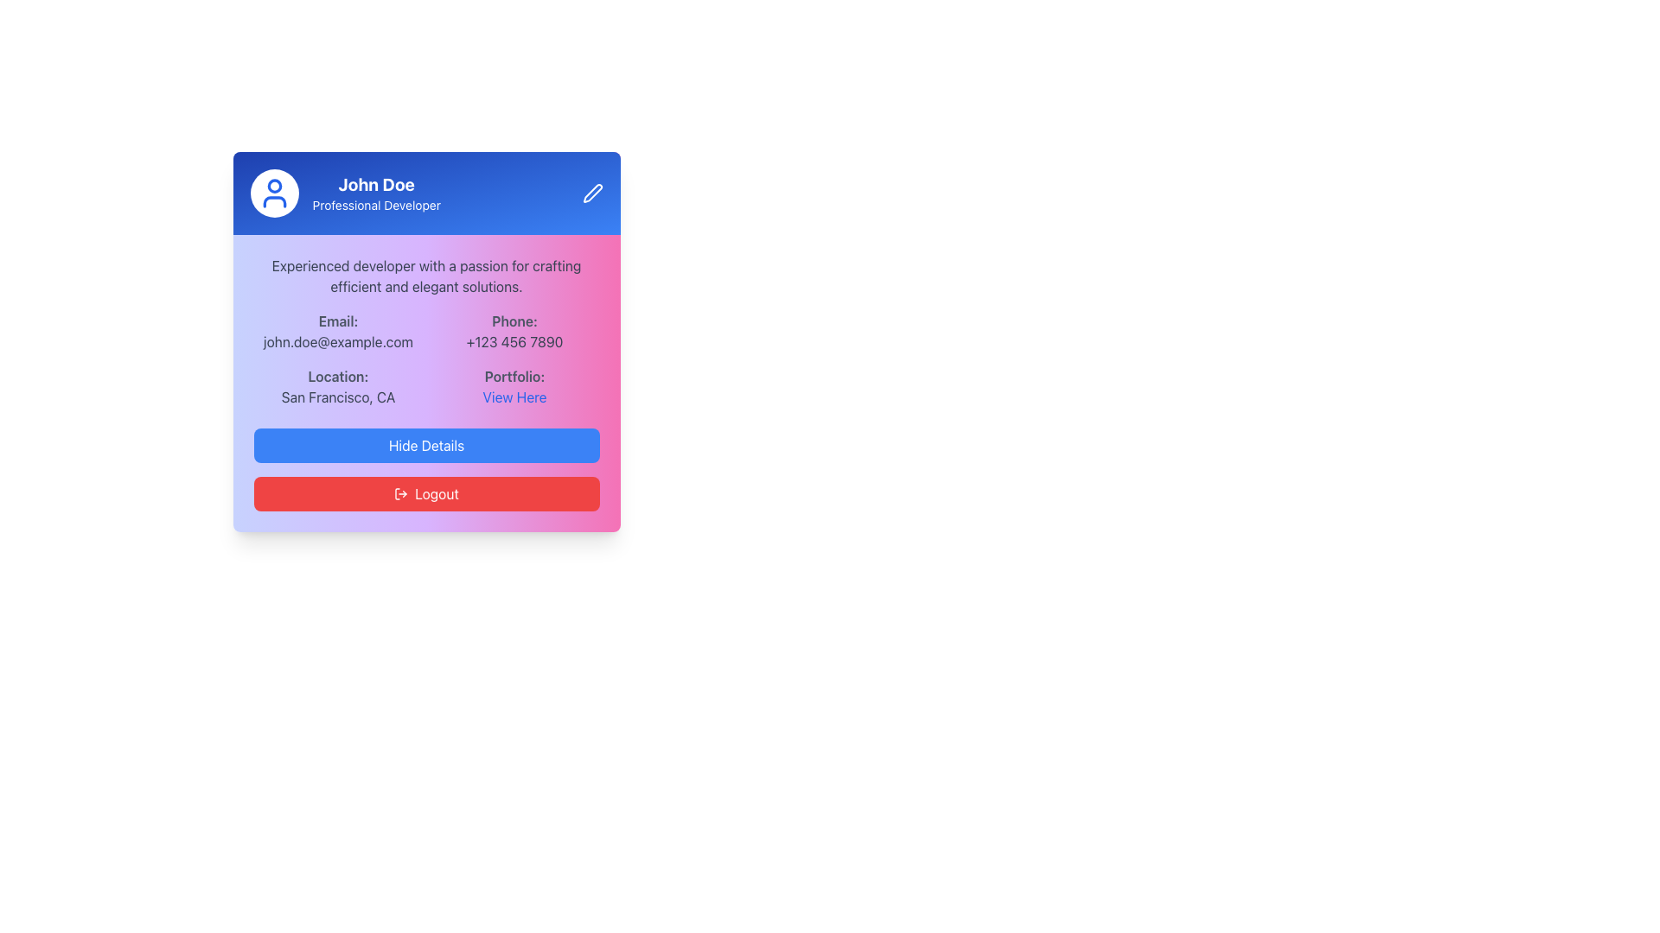 Image resolution: width=1660 pixels, height=933 pixels. What do you see at coordinates (514, 332) in the screenshot?
I see `the static text information field displaying the phone number, which is located in the right column of a two-column layout, above the 'Portfolio:' element and vertically aligned with the 'Email:' element` at bounding box center [514, 332].